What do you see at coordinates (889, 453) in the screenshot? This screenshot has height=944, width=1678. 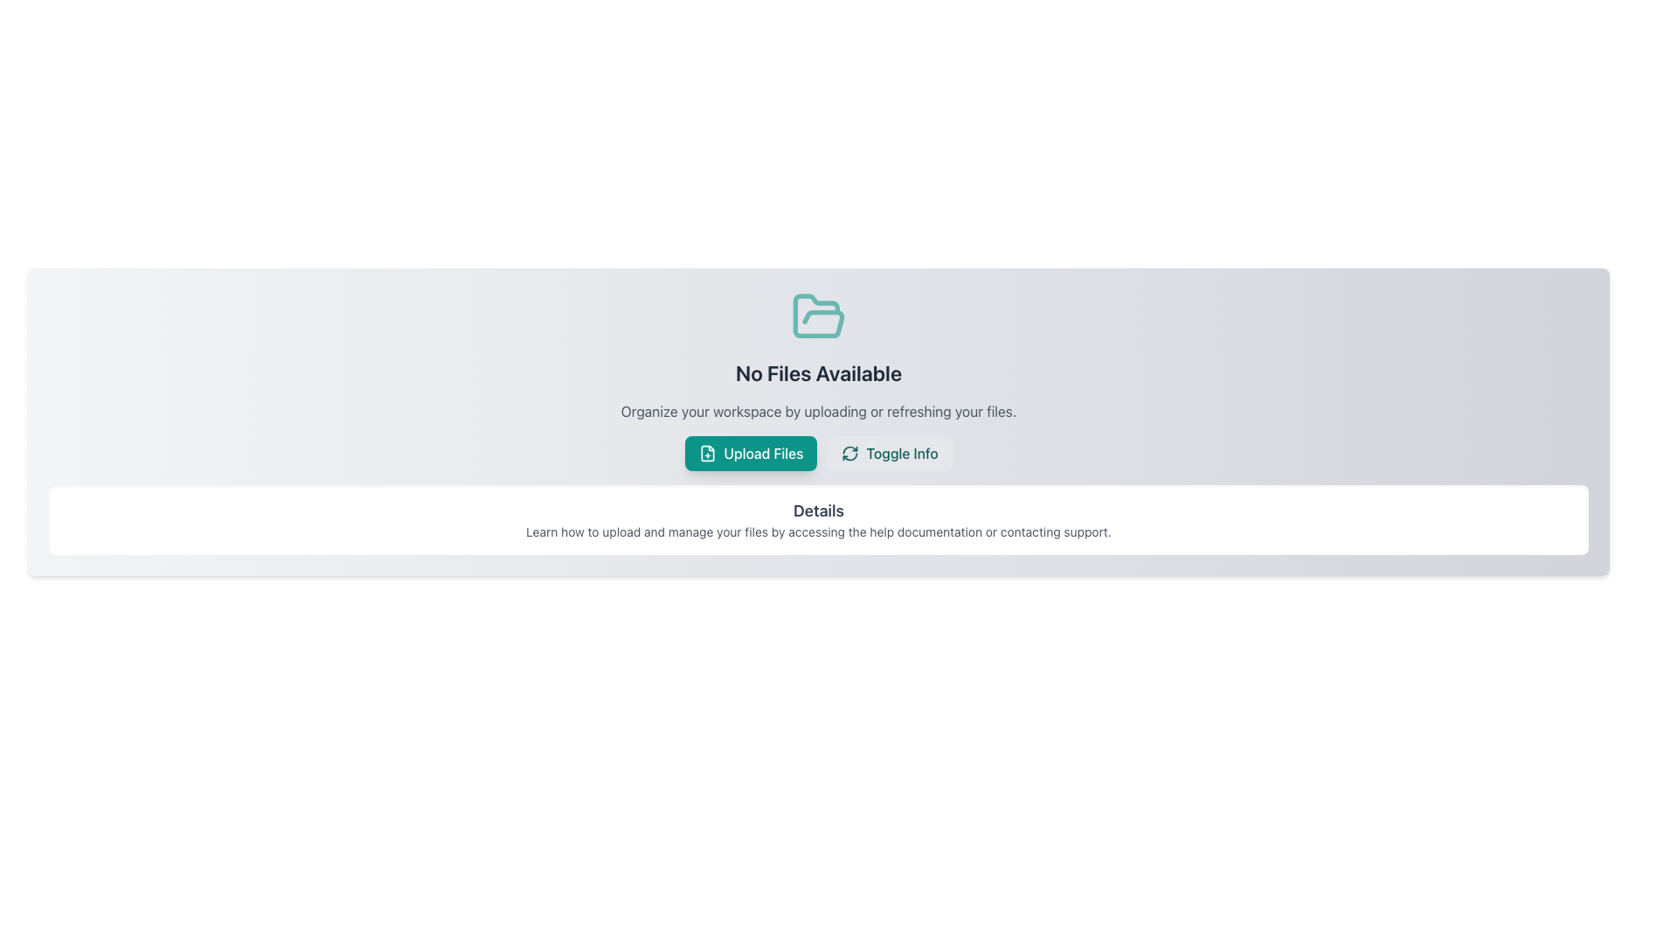 I see `the 'Toggle Info' button, which is a rounded rectangle with teal text and a refresh icon` at bounding box center [889, 453].